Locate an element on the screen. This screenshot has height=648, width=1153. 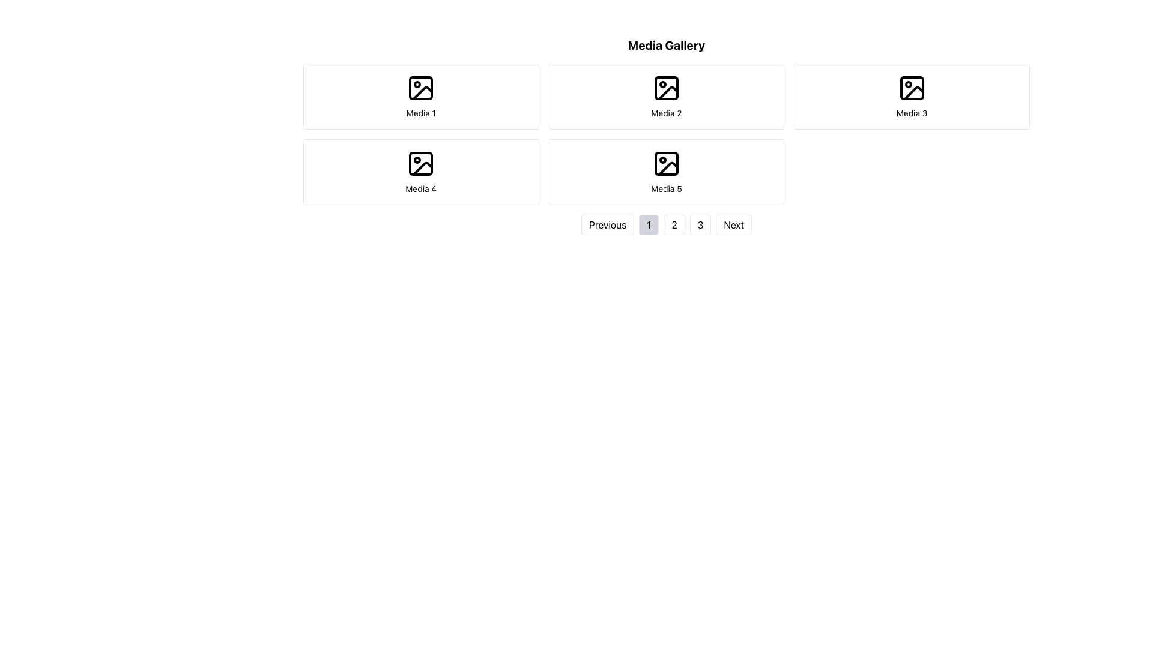
to select or view details of the fifth clickable card in the media gallery, located in the second row and third column of the grid is located at coordinates (665, 172).